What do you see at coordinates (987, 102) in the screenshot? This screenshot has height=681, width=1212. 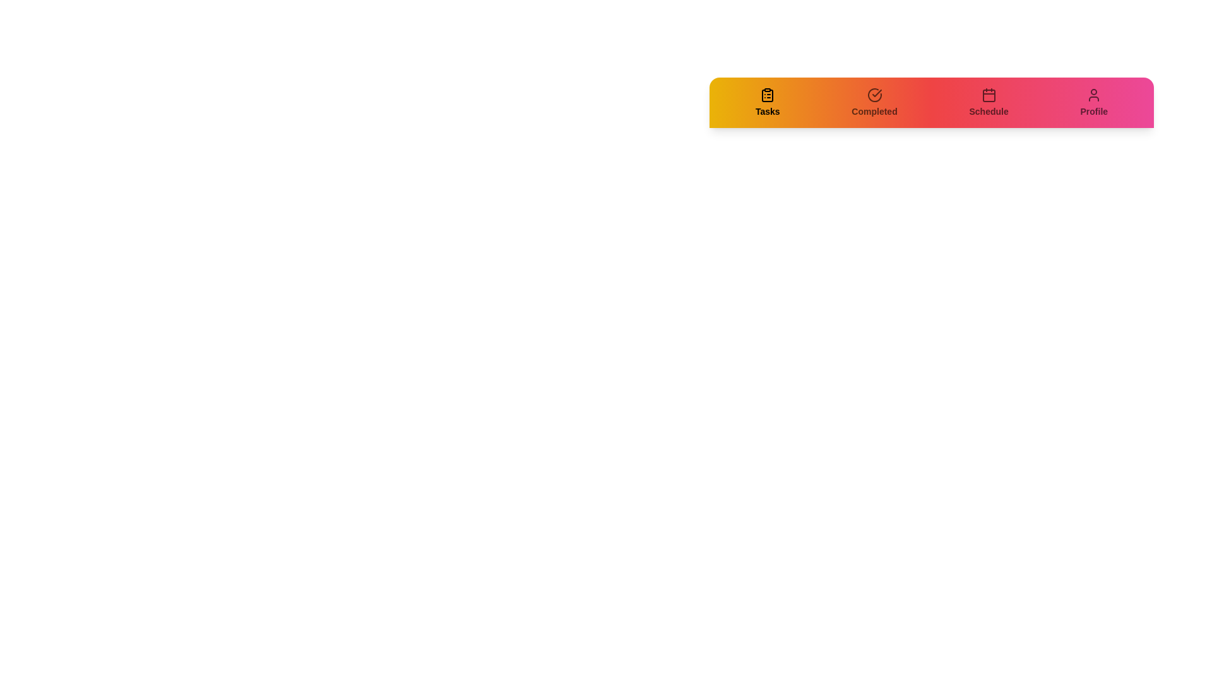 I see `the tab labeled Schedule to navigate to its respective section` at bounding box center [987, 102].